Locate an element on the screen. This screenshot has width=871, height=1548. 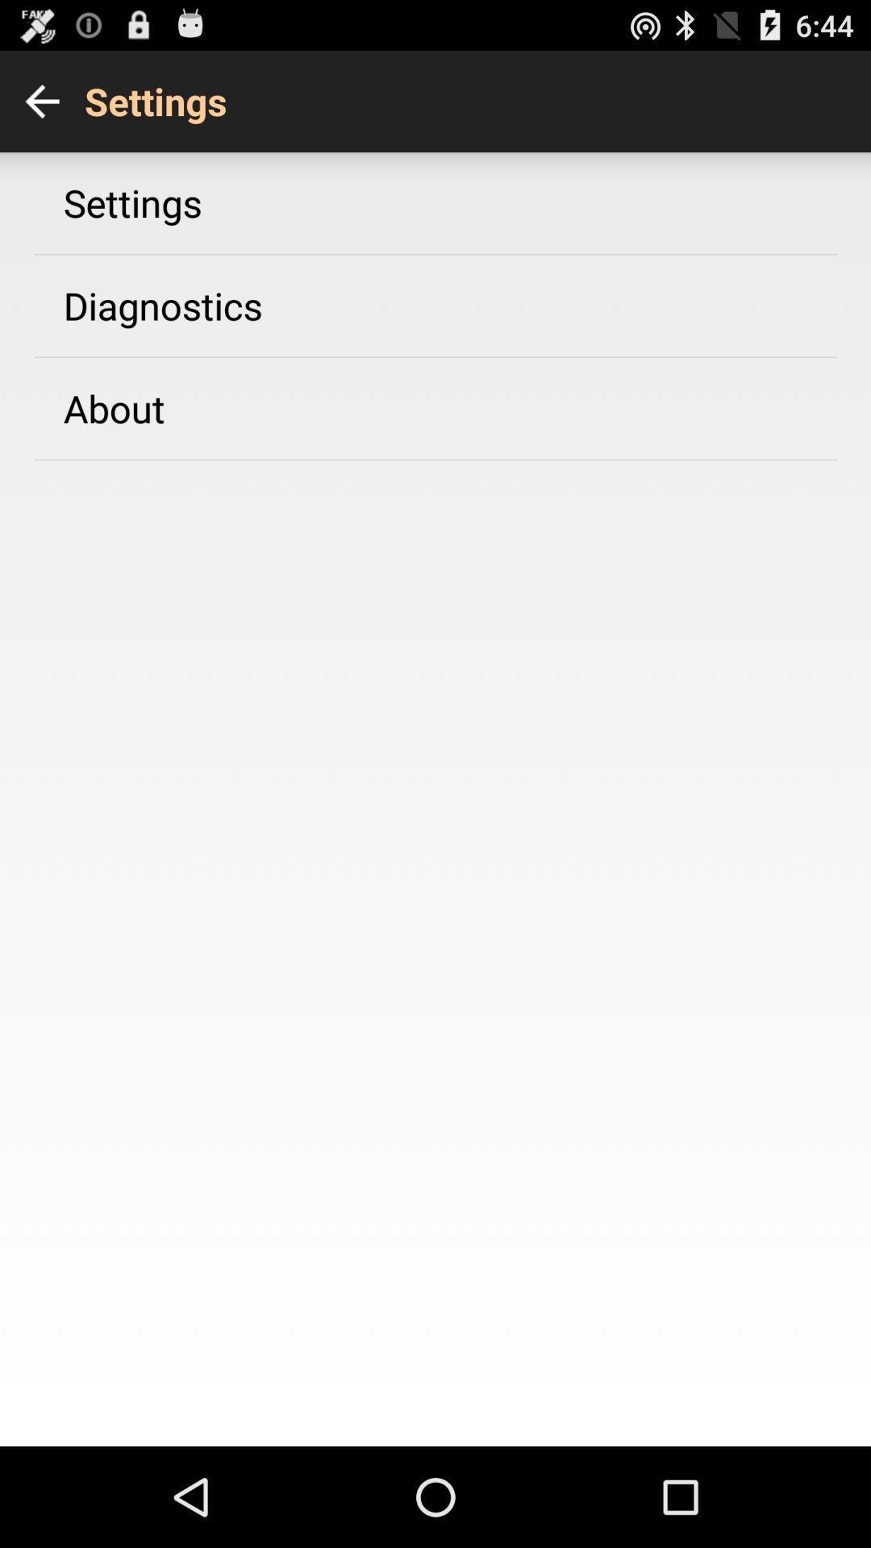
the item below the settings icon is located at coordinates (163, 306).